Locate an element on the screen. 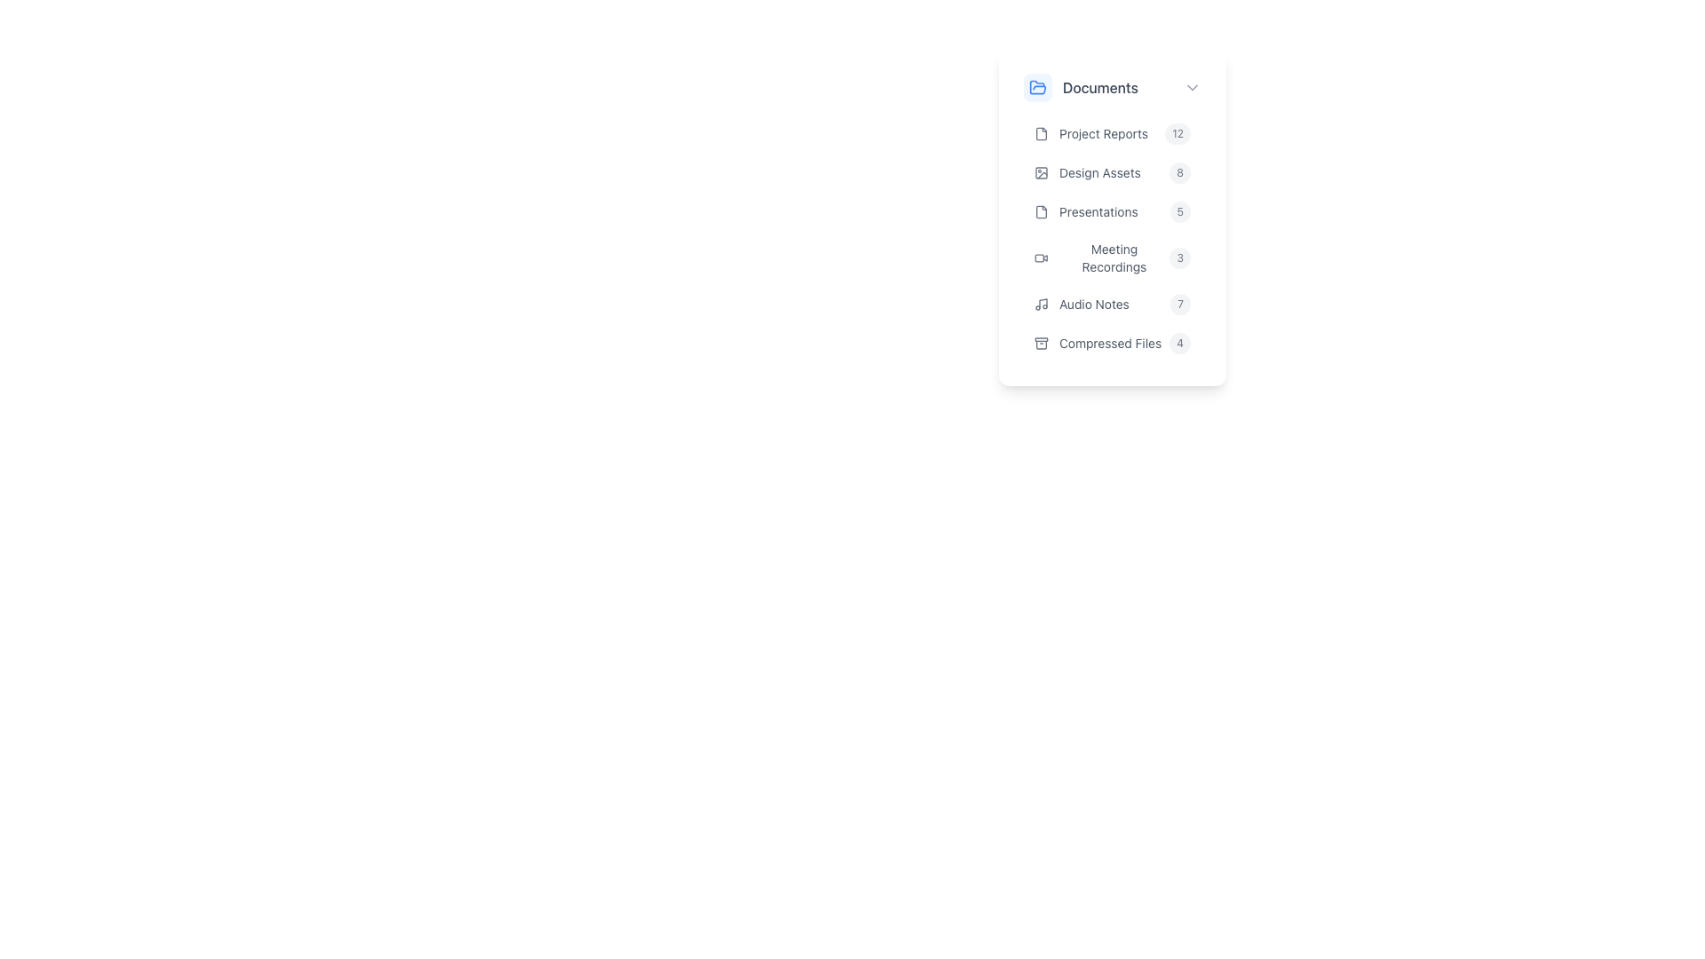  the 'Presentations' text label that is gray and changes to blue on hover, located between a file icon and a badge displaying the number 5, as the third item under the 'Documents' header is located at coordinates (1098, 211).